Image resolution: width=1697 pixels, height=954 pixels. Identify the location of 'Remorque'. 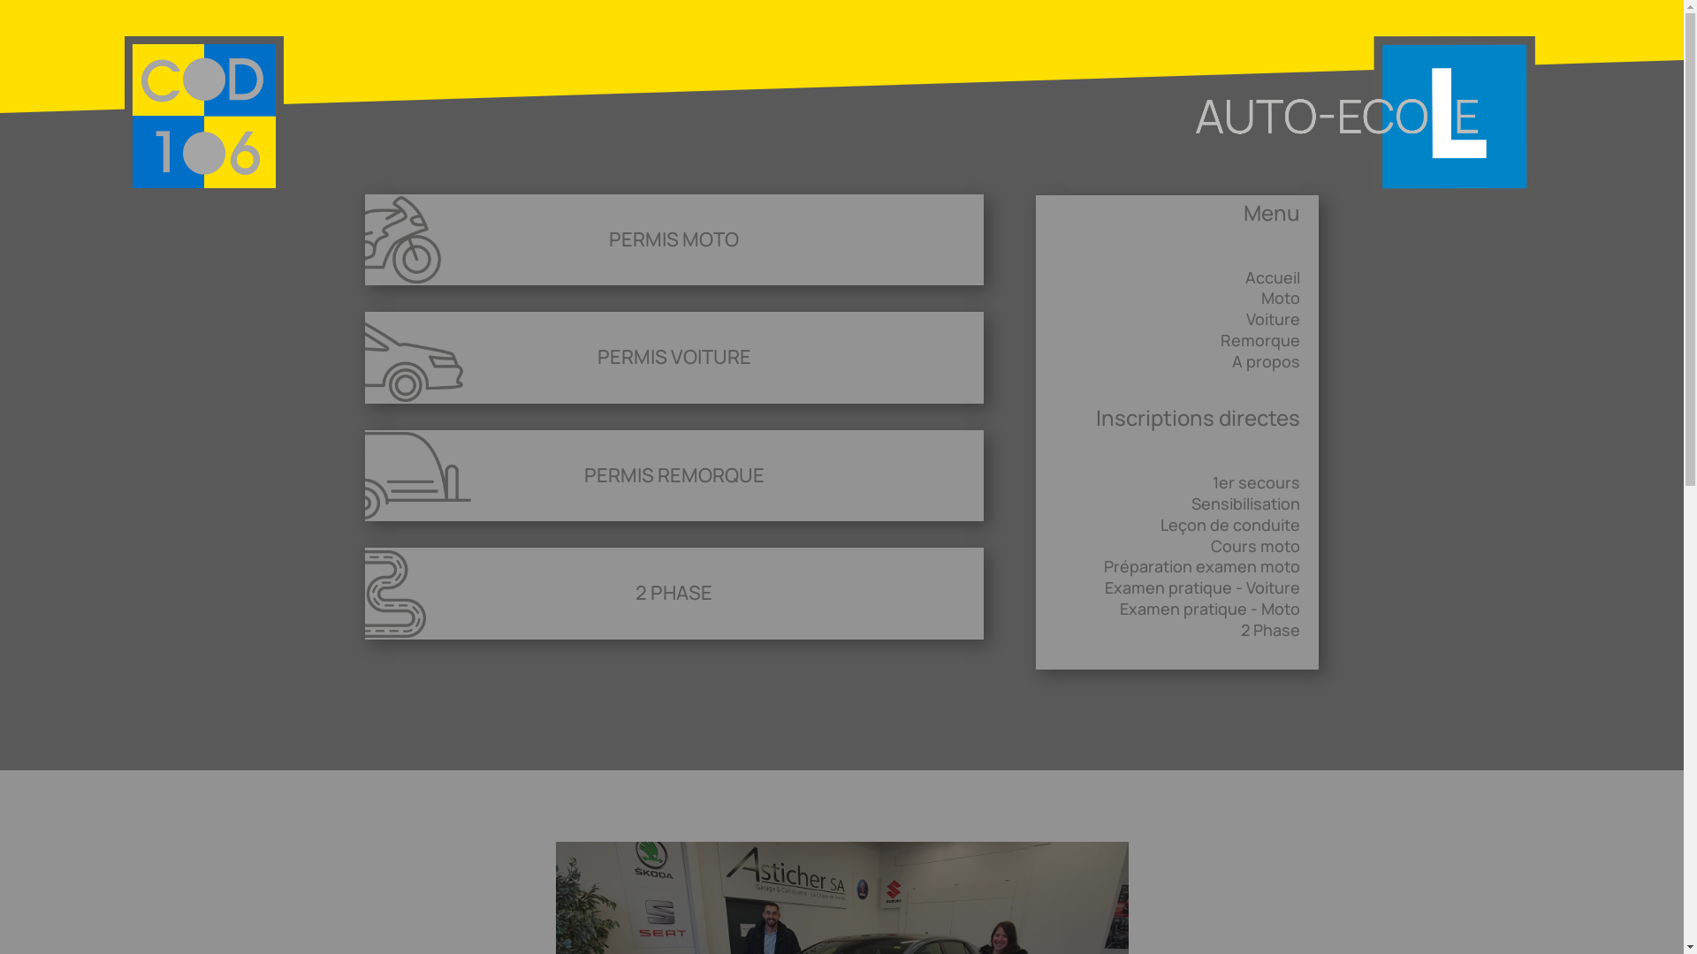
(1220, 340).